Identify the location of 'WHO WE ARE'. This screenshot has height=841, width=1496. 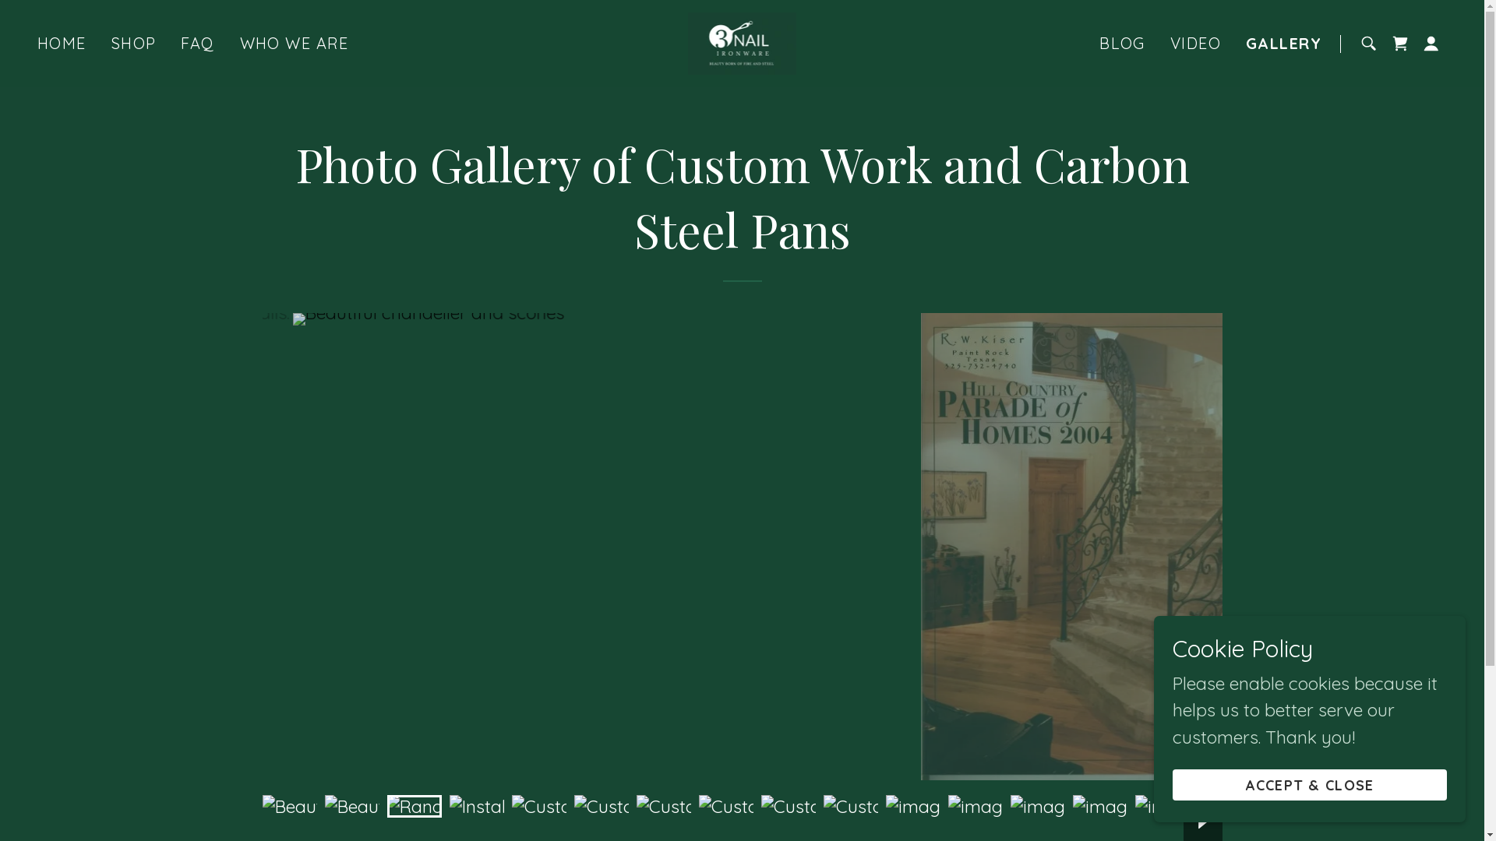
(295, 43).